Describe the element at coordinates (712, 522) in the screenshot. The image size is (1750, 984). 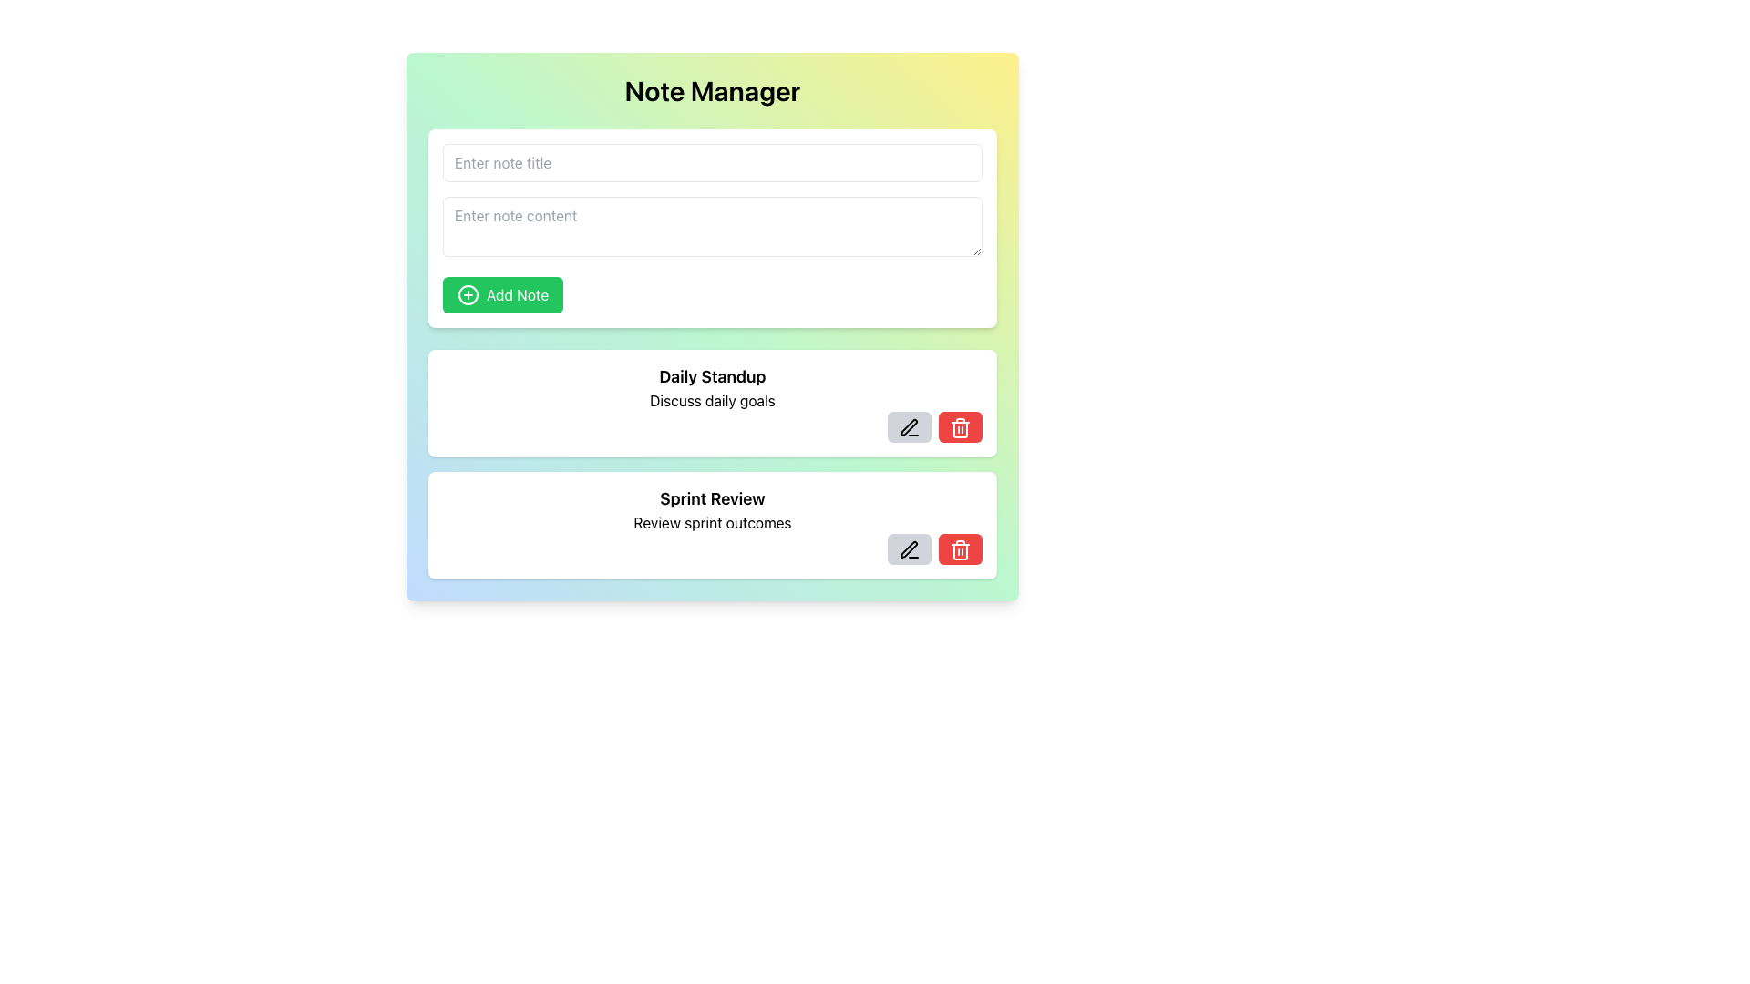
I see `the text element displaying 'Review sprint outcomes', which is located below the header 'Sprint Review' and above the editing and deleting icons` at that location.